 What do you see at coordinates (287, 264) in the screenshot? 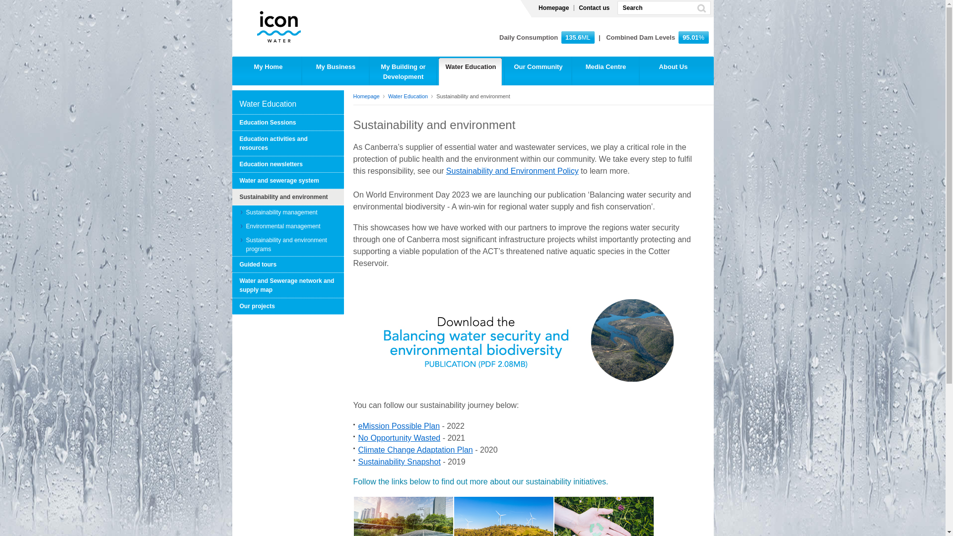
I see `'Guided tours'` at bounding box center [287, 264].